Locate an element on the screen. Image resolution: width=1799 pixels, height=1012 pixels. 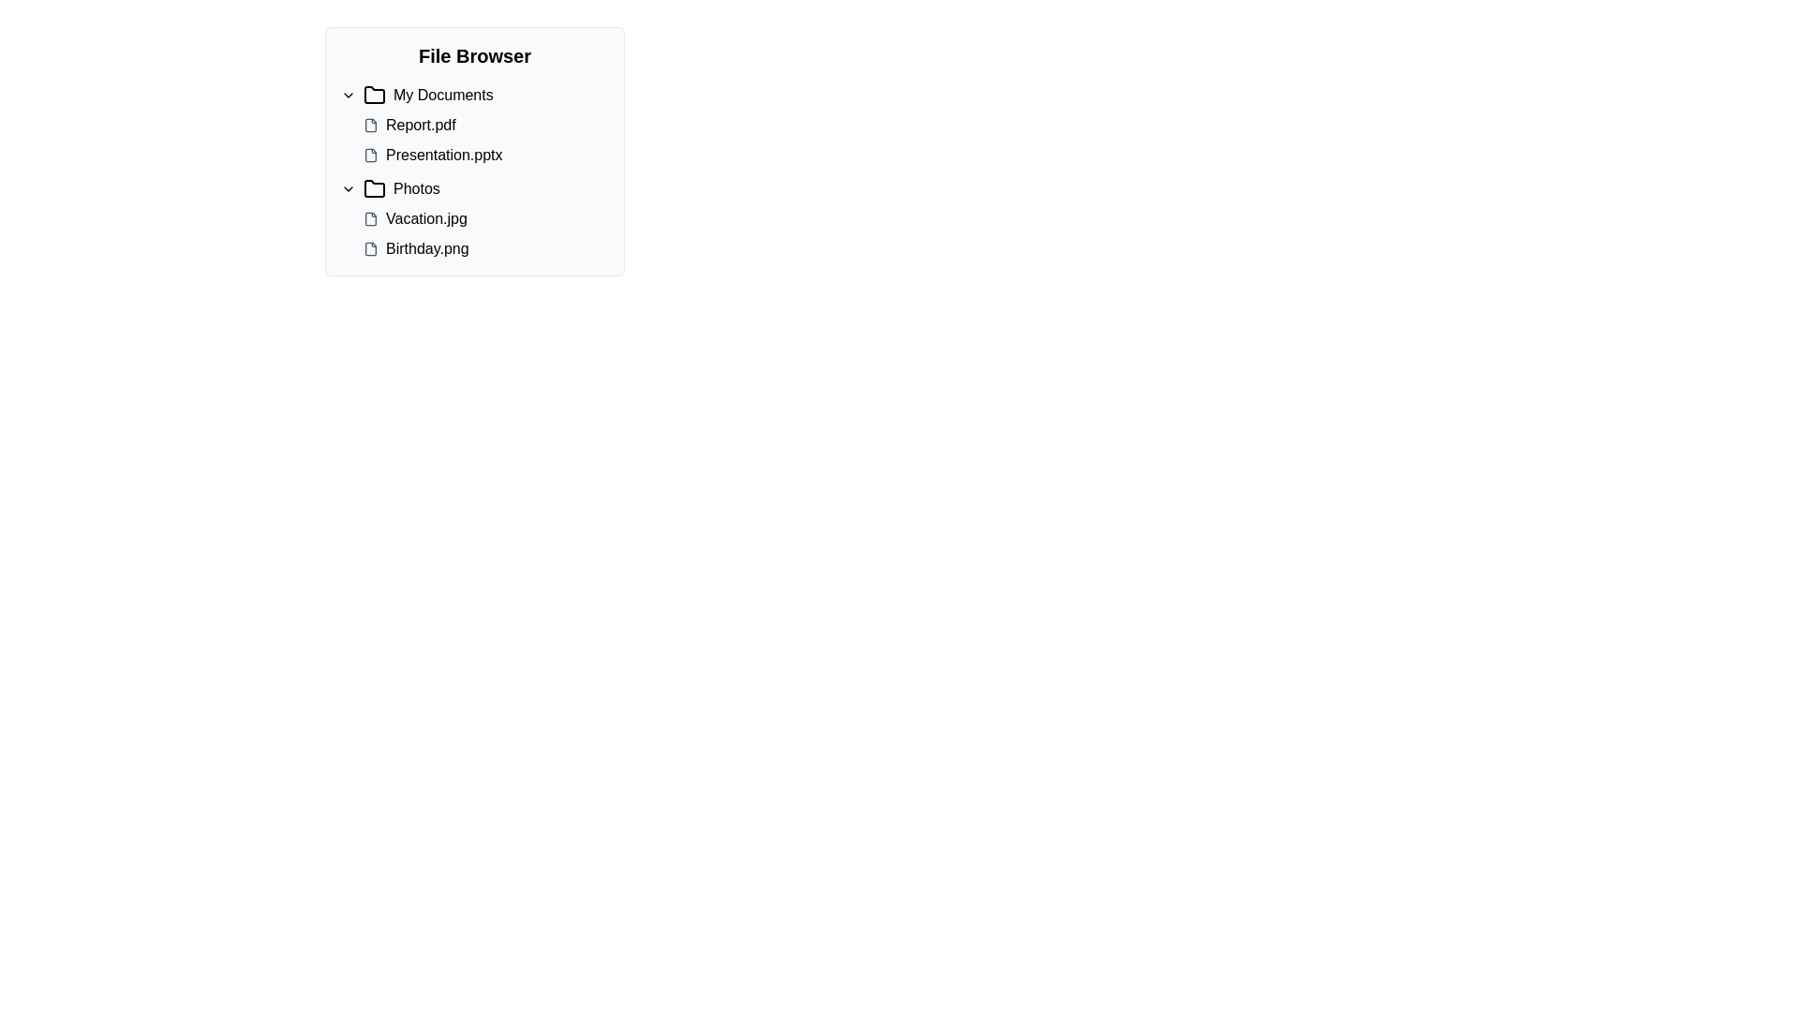
the icon resembling a document with a folded top-right corner, located next is located at coordinates (370, 248).